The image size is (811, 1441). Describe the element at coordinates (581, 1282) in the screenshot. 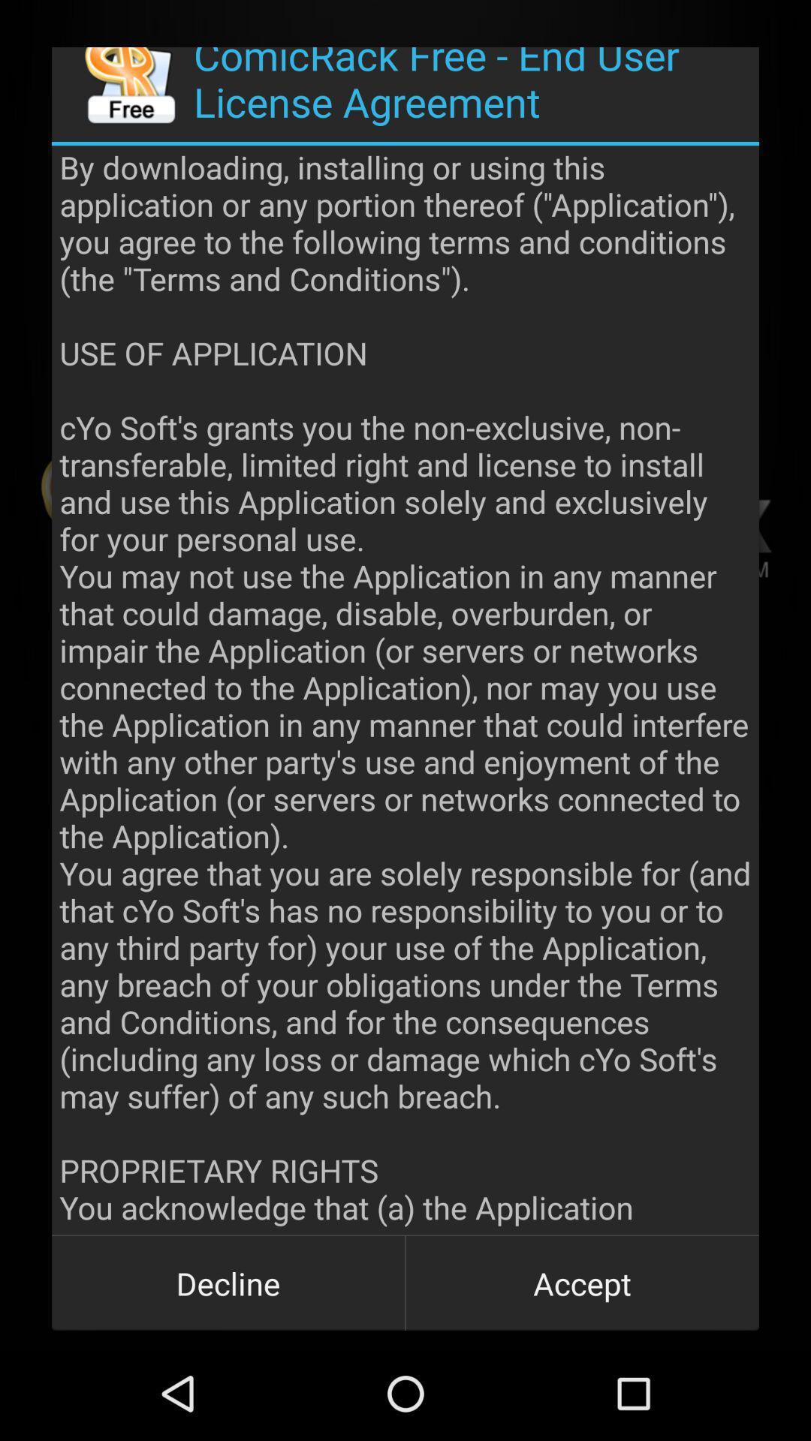

I see `item below the by downloading installing icon` at that location.